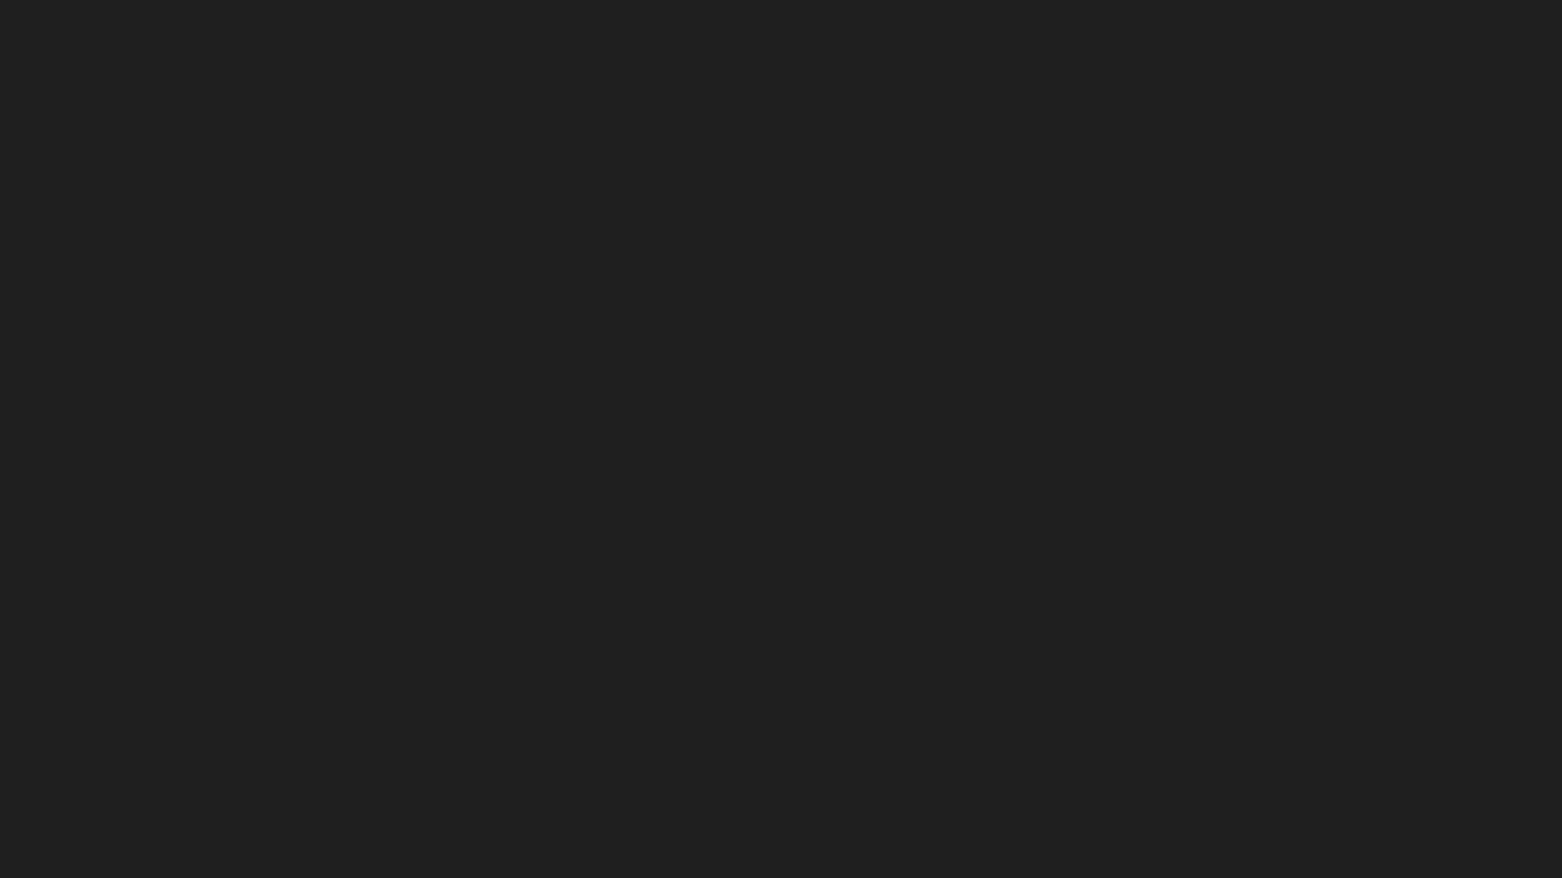 The height and width of the screenshot is (878, 1562). I want to click on Help, so click(1014, 24).